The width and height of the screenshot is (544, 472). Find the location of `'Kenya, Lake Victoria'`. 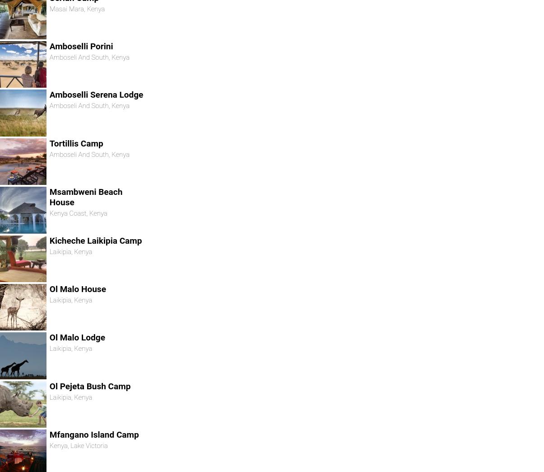

'Kenya, Lake Victoria' is located at coordinates (78, 445).